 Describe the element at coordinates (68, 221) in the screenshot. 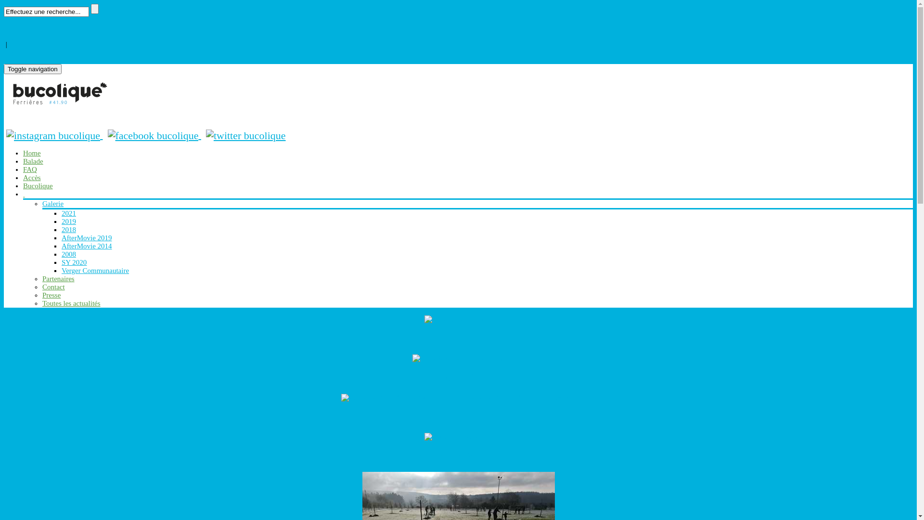

I see `'2019'` at that location.